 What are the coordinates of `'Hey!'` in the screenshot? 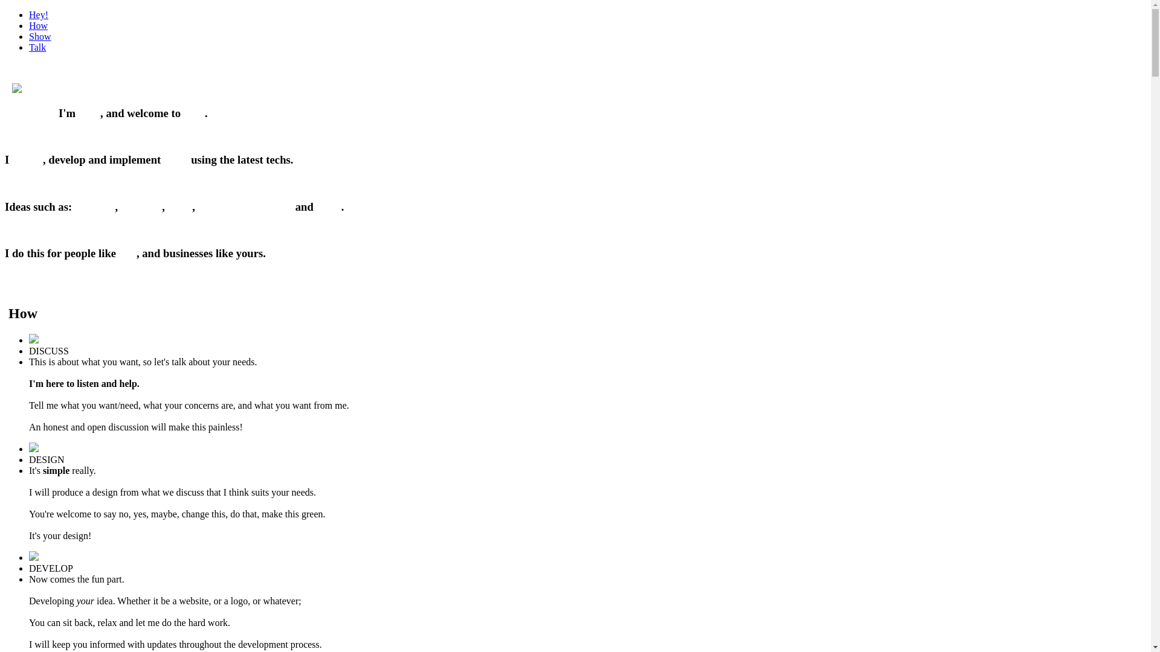 It's located at (29, 14).